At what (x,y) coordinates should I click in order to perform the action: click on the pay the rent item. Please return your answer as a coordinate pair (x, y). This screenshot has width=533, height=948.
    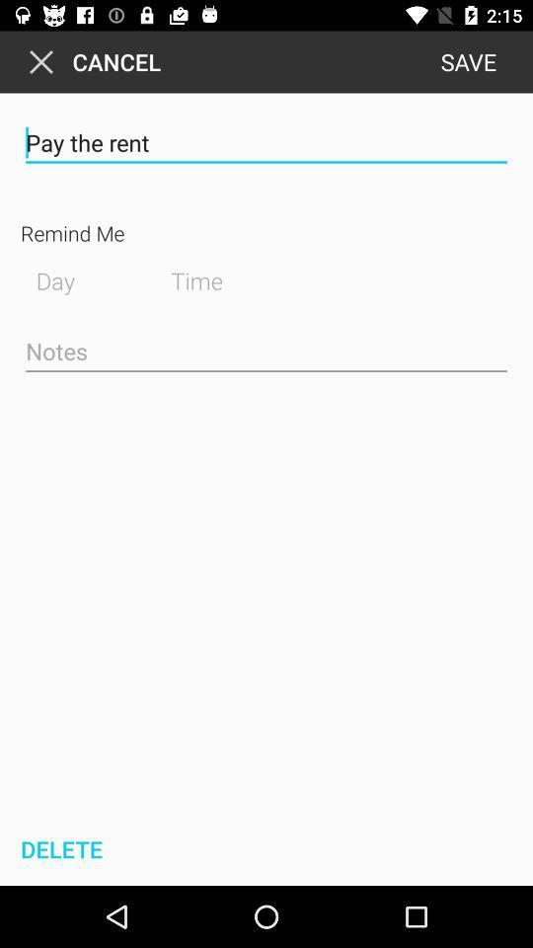
    Looking at the image, I should click on (266, 142).